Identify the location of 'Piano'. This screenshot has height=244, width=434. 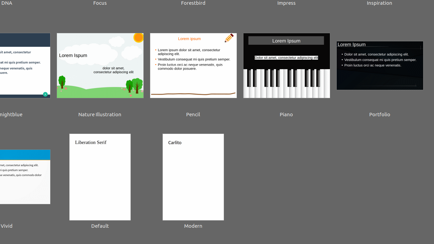
(287, 70).